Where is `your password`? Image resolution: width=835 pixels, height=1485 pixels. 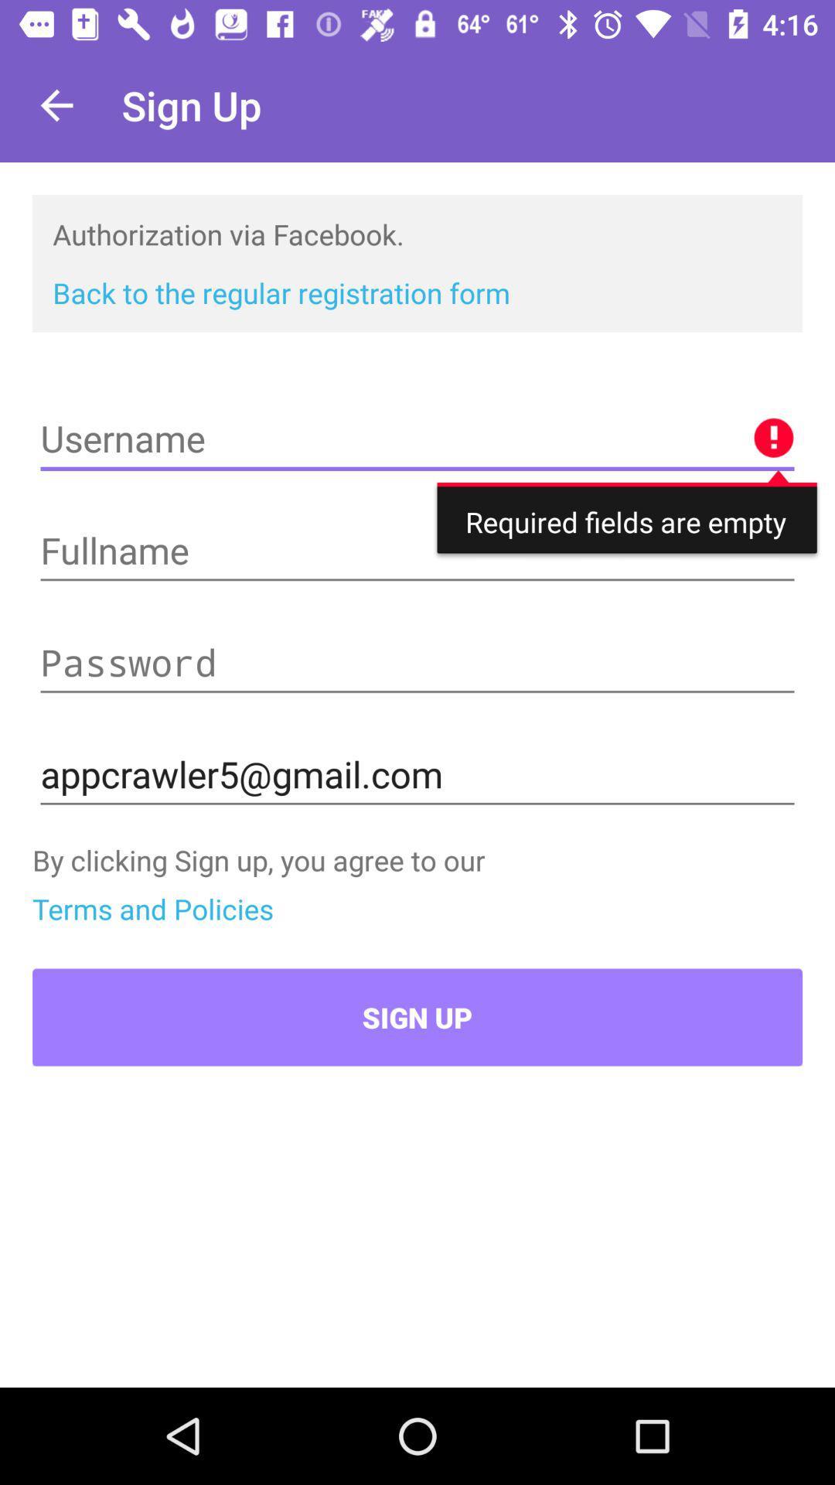 your password is located at coordinates (417, 663).